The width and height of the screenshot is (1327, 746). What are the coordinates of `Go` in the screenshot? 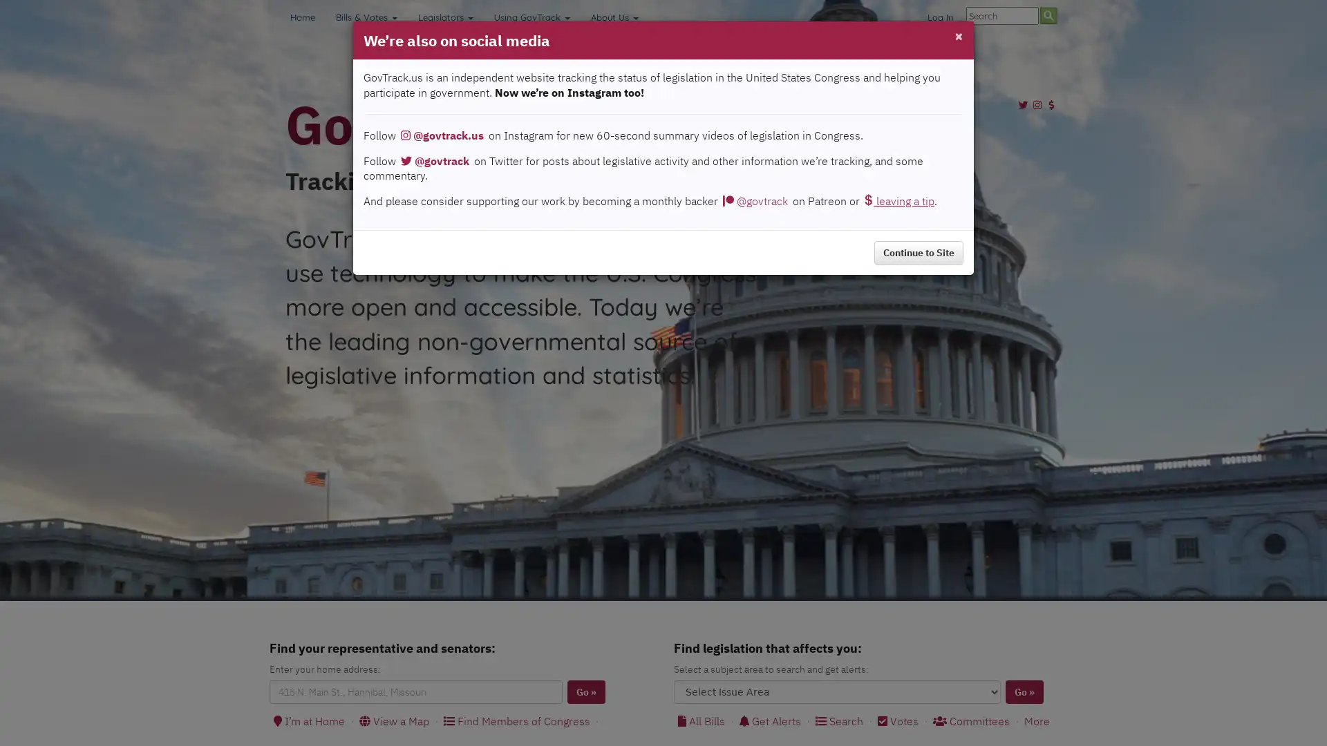 It's located at (1024, 691).